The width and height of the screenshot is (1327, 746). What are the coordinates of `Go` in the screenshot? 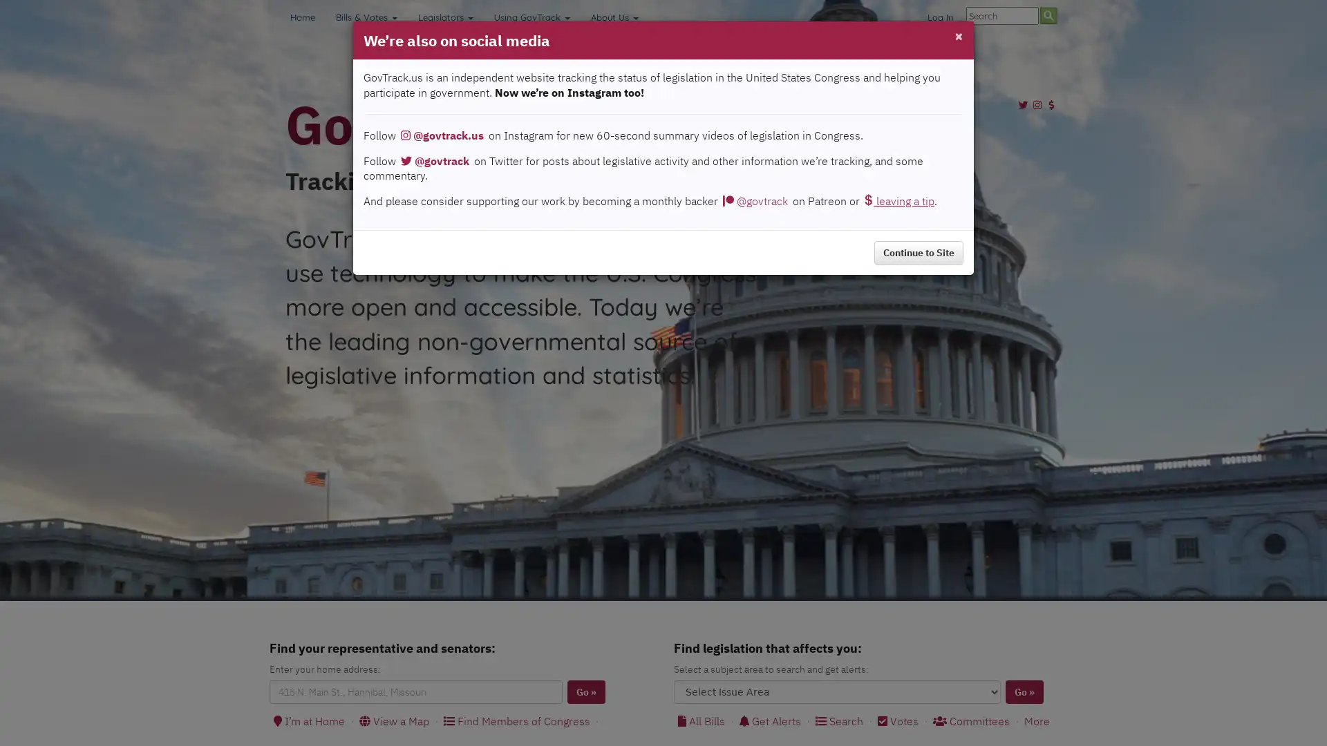 It's located at (1024, 691).